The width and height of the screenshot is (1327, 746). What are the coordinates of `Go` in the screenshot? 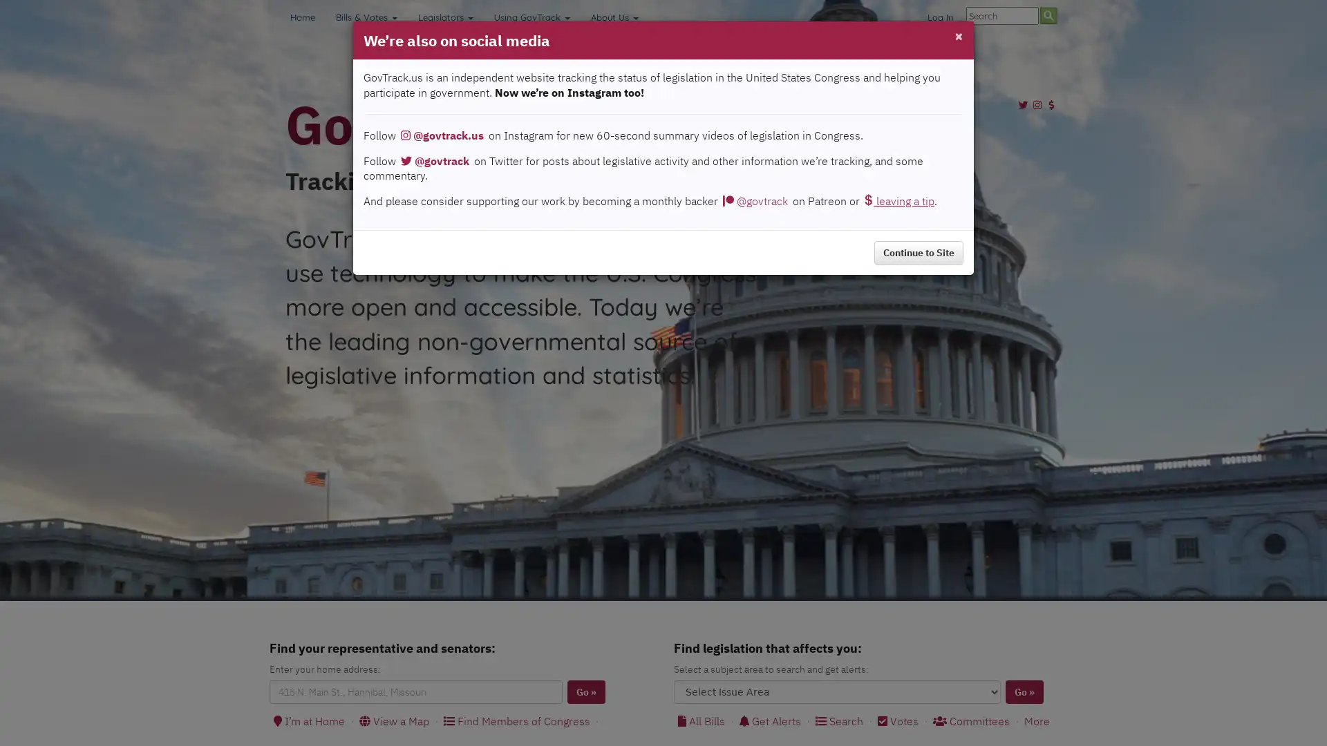 It's located at (1024, 691).